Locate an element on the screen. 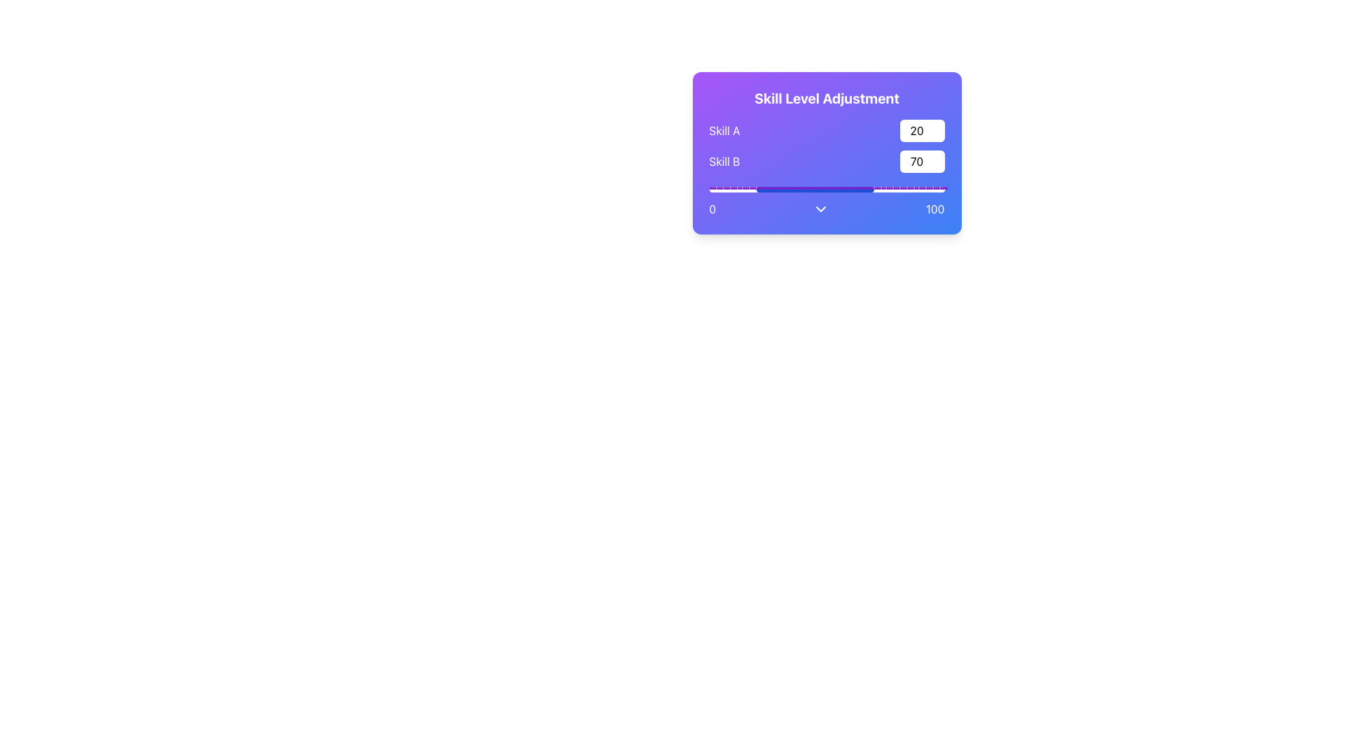 The height and width of the screenshot is (756, 1345). the right-facing chevron icon located centrally in a blue gradient area is located at coordinates (820, 209).